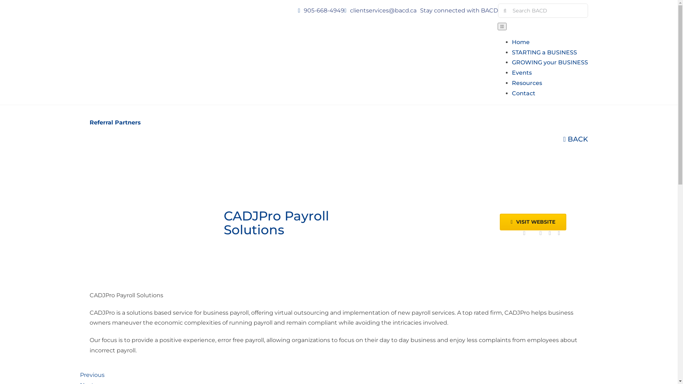 This screenshot has width=683, height=384. Describe the element at coordinates (459, 10) in the screenshot. I see `'Stay connected with BACD'` at that location.